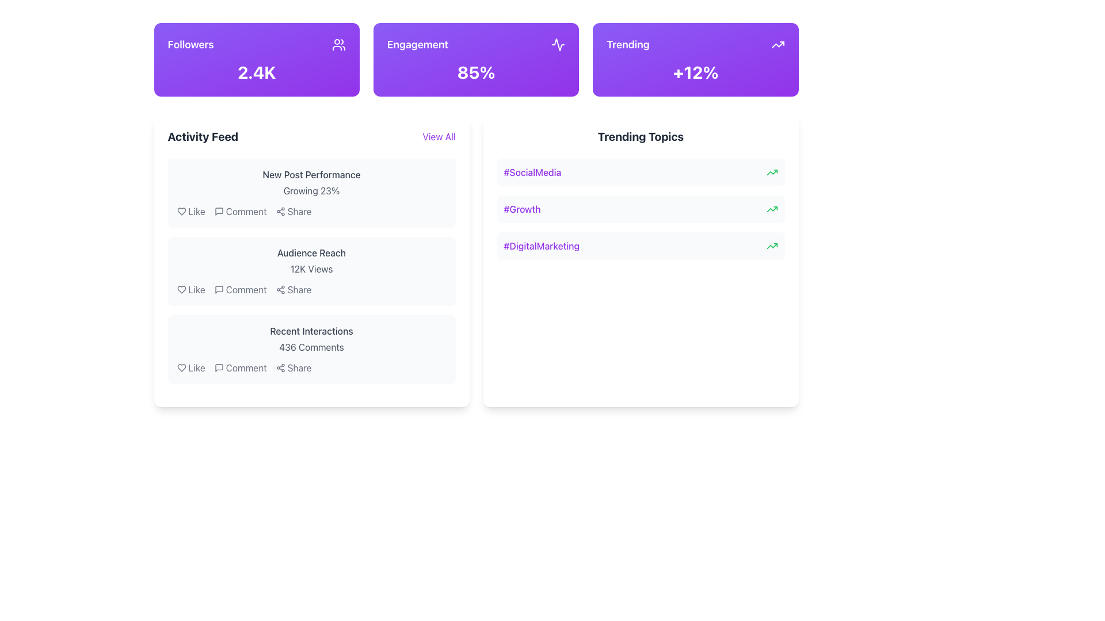 The image size is (1105, 621). Describe the element at coordinates (181, 368) in the screenshot. I see `the heart icon representing the 'Like' functionality` at that location.